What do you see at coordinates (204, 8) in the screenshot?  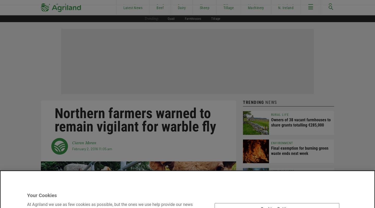 I see `'Sheep'` at bounding box center [204, 8].